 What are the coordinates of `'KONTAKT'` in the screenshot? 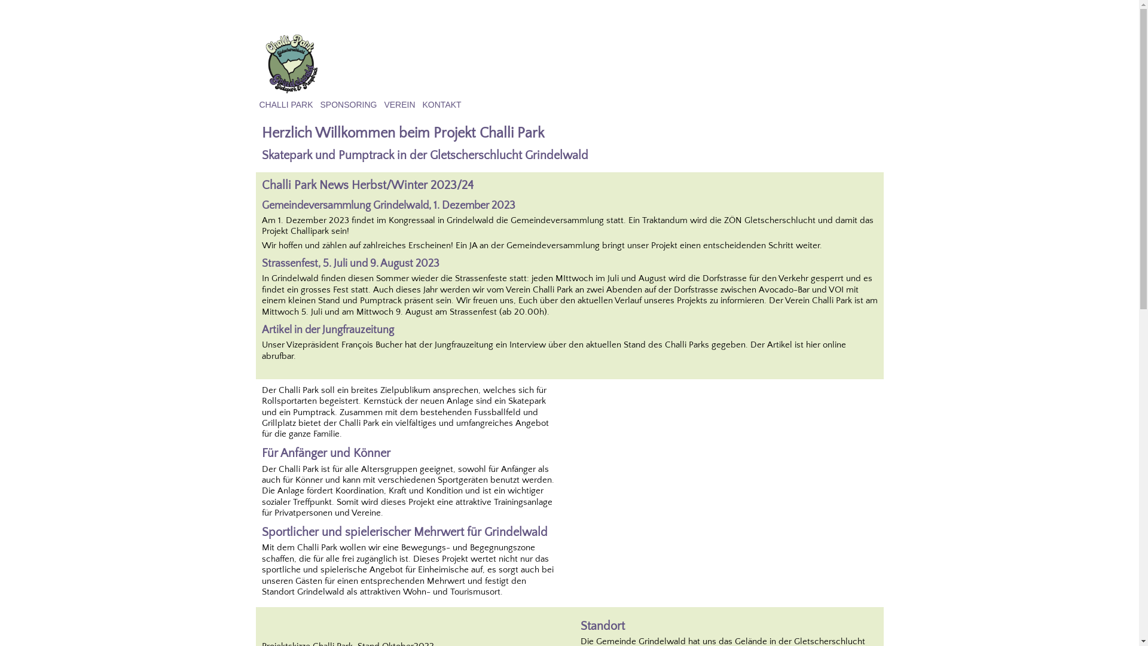 It's located at (441, 104).